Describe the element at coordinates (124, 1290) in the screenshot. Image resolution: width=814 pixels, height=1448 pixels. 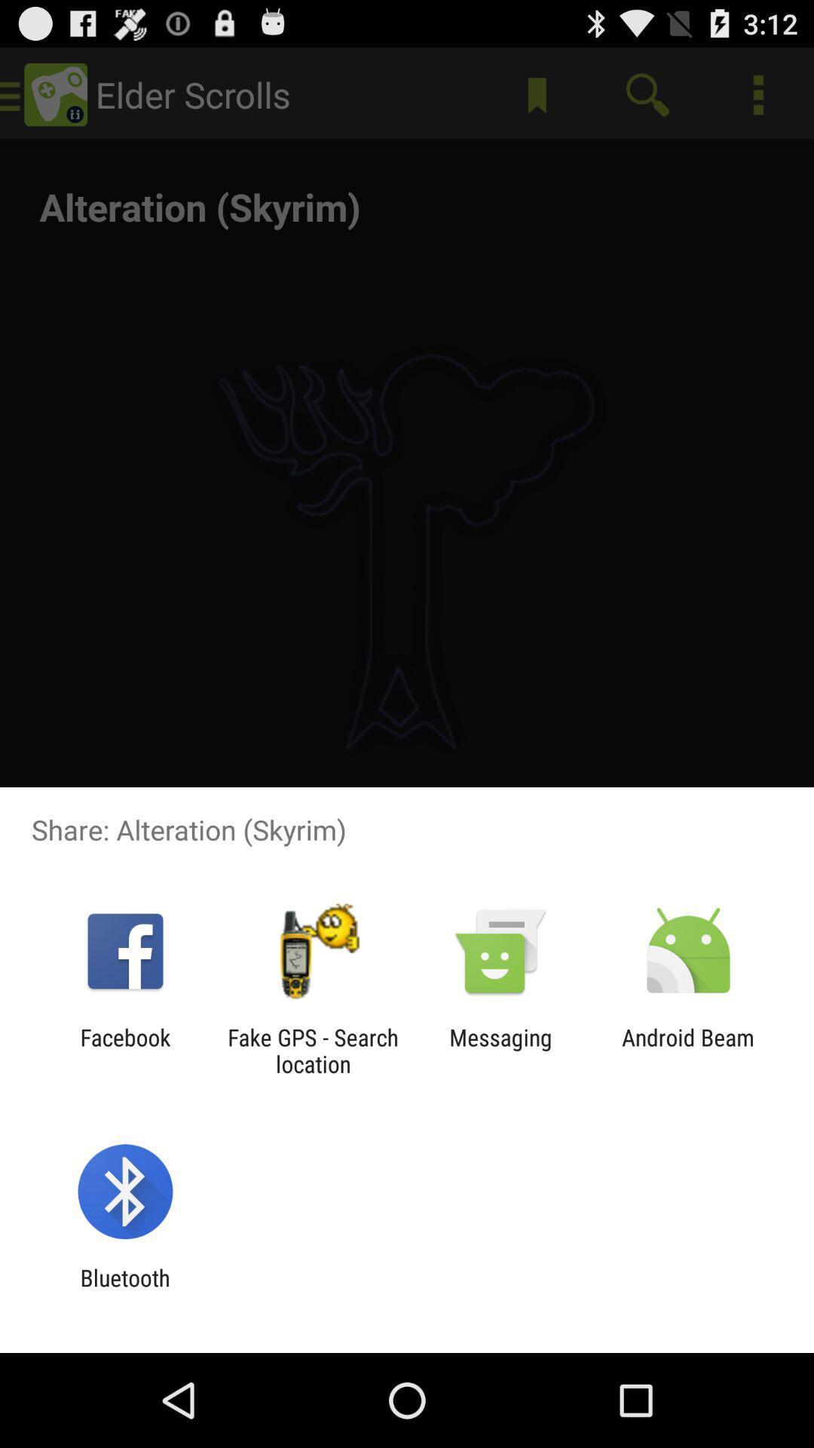
I see `bluetooth` at that location.